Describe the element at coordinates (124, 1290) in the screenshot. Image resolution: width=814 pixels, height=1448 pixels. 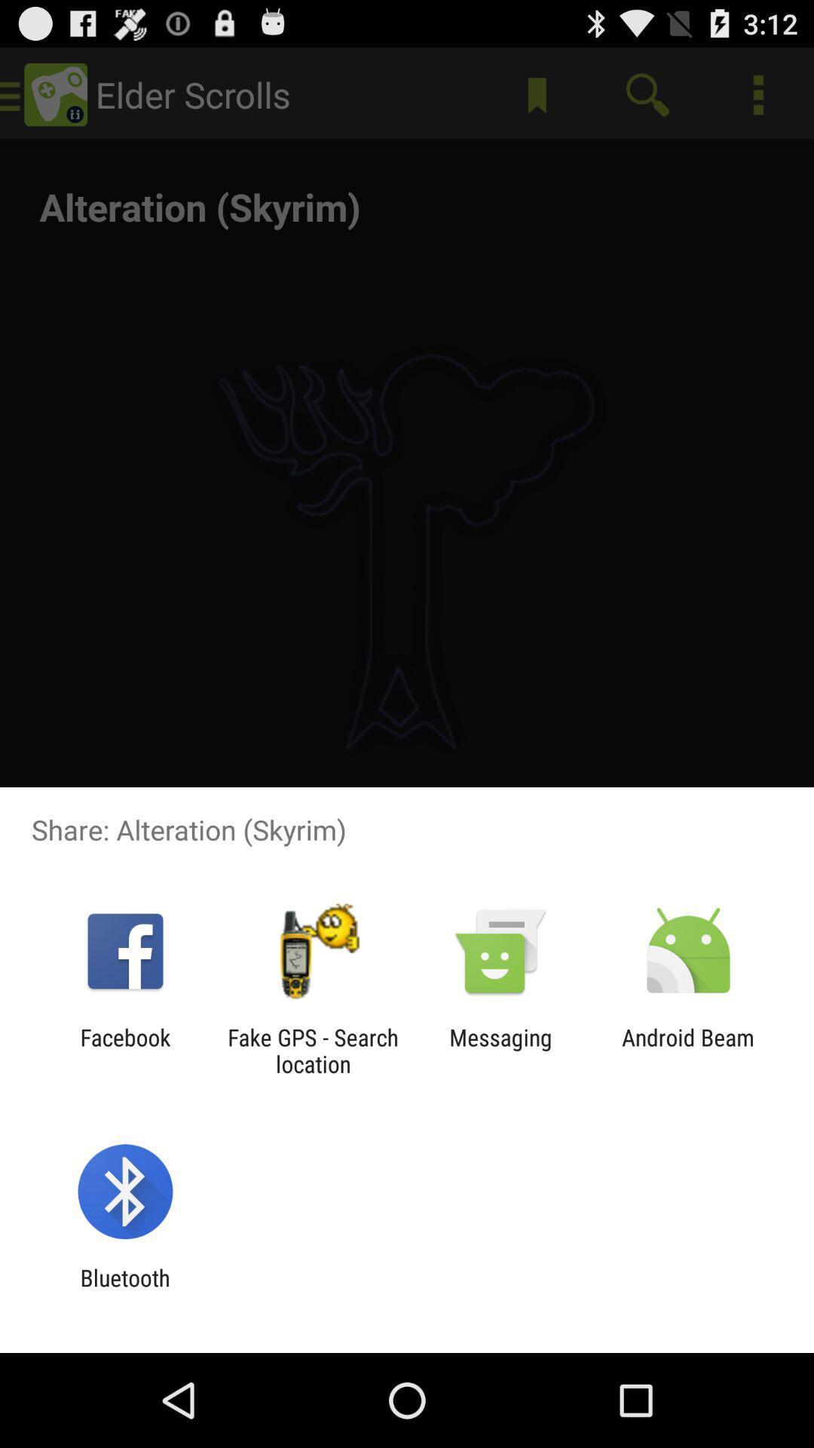
I see `bluetooth` at that location.